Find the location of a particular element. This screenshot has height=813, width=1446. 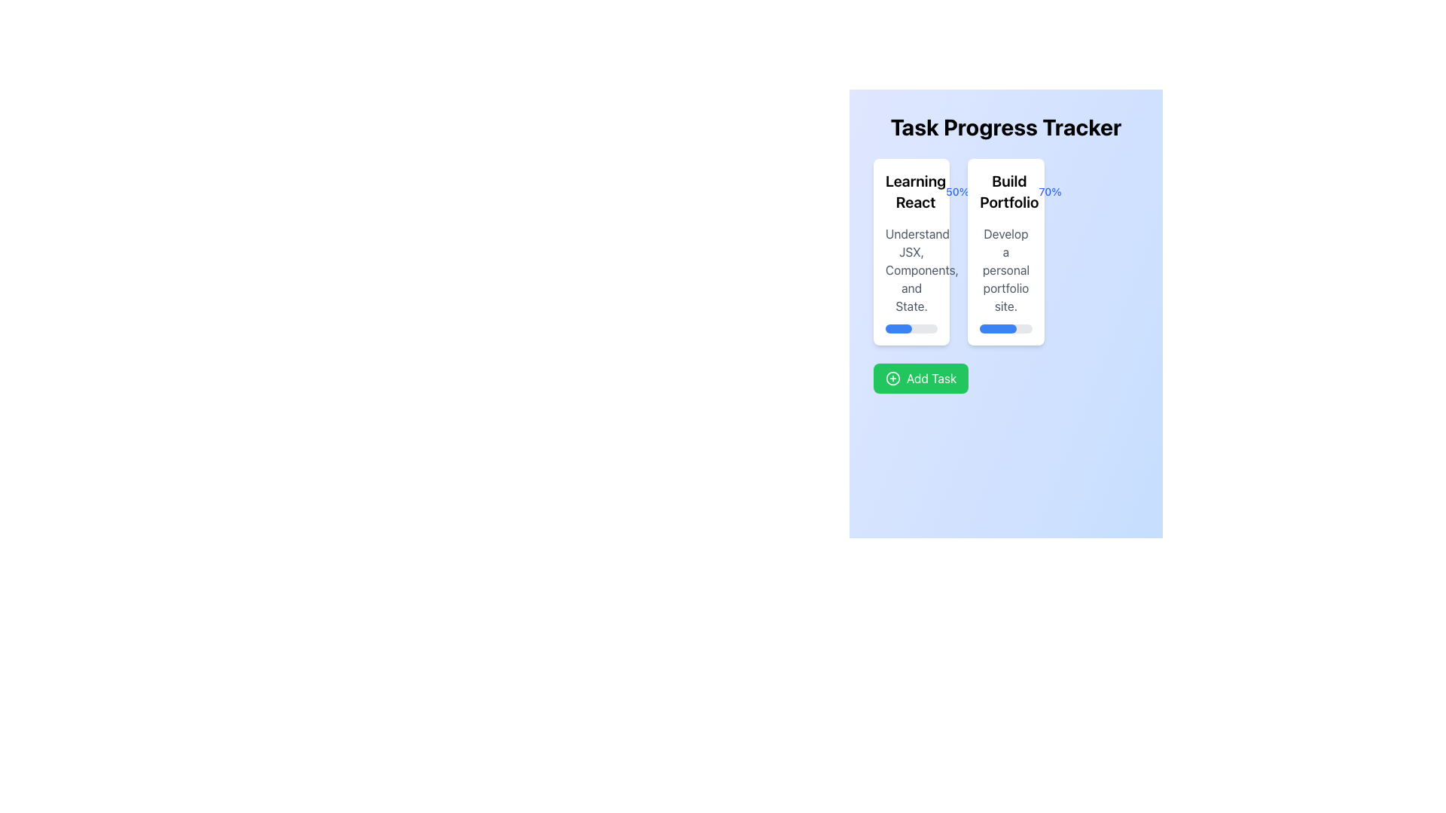

descriptive text located in the second card titled 'Build Portfolio' in the task tracker layout, which is positioned below the title and percentage text and above the progress bar is located at coordinates (1005, 269).